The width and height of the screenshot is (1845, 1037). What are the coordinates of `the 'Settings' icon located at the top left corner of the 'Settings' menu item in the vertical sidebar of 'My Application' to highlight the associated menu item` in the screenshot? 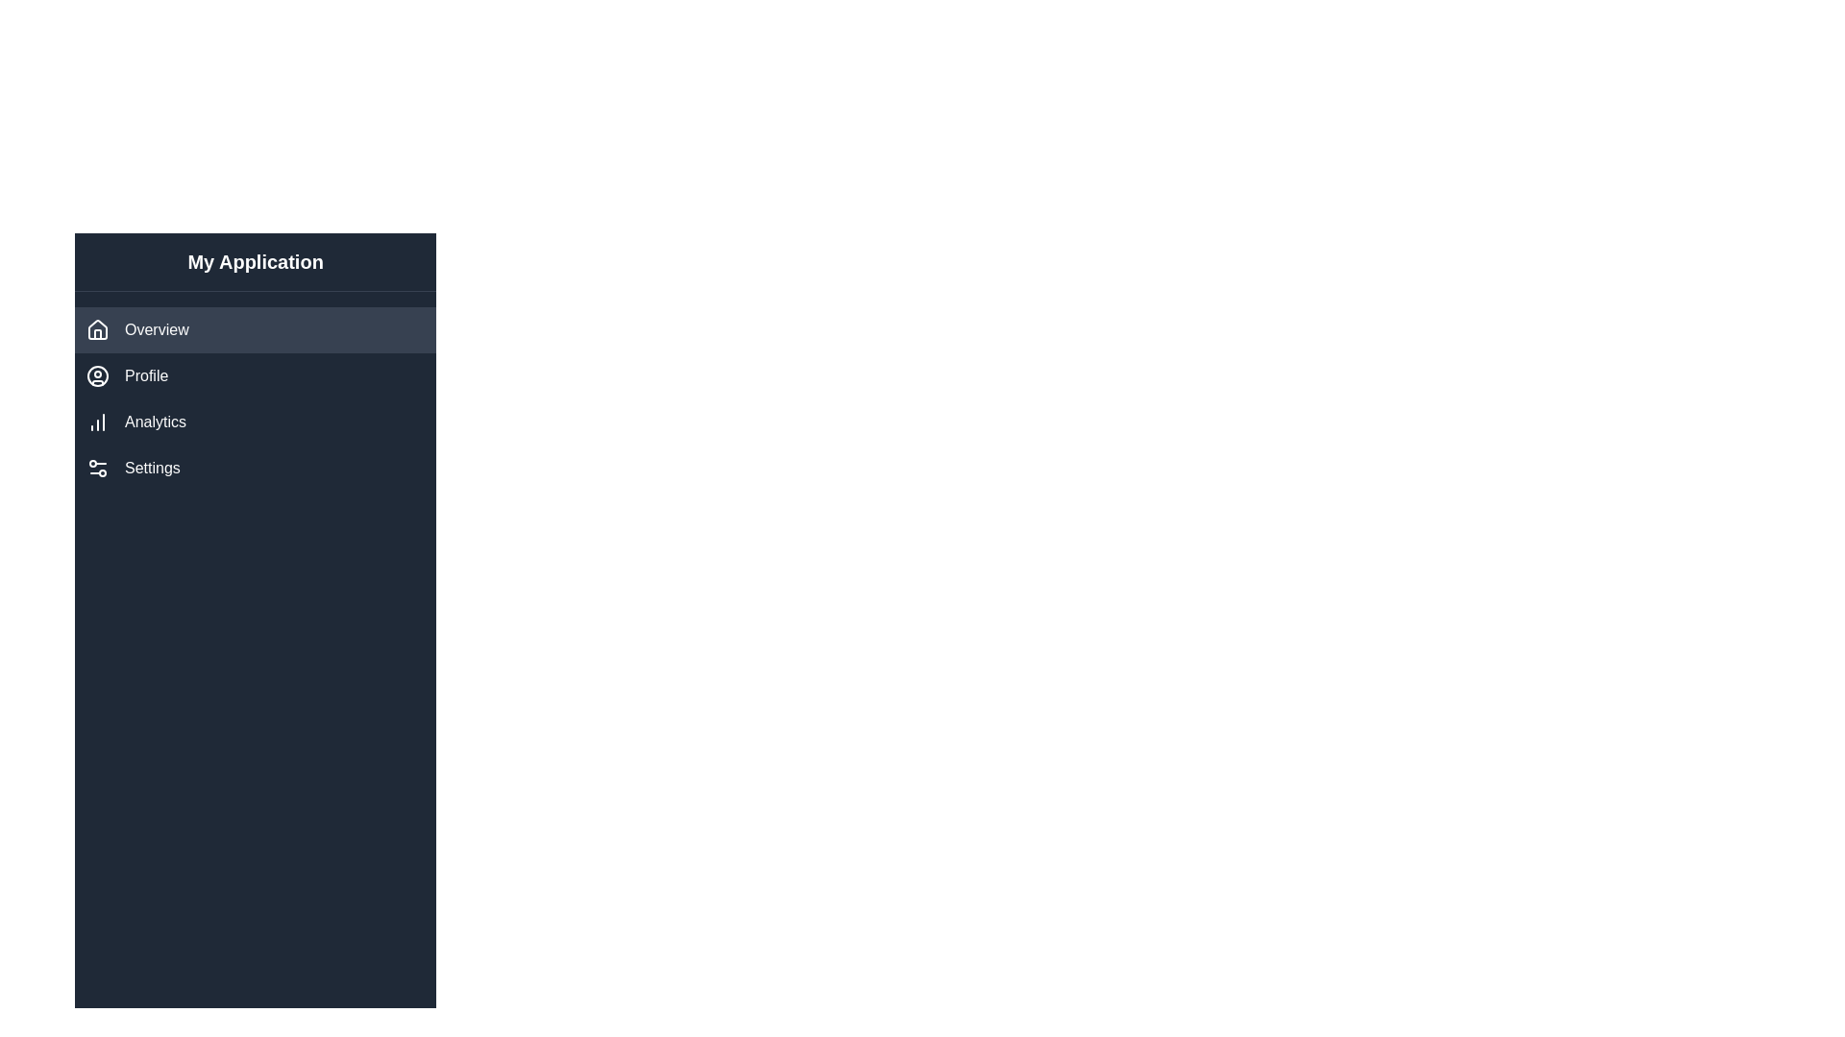 It's located at (96, 469).